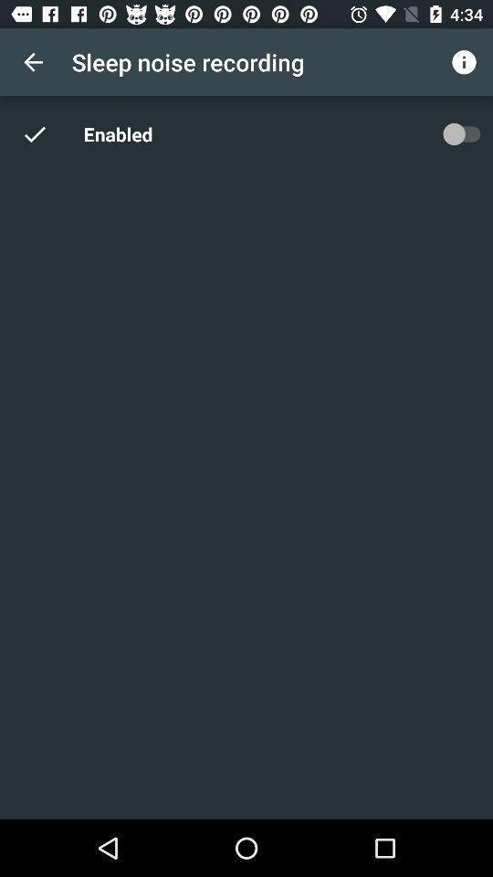 This screenshot has width=493, height=877. What do you see at coordinates (121, 132) in the screenshot?
I see `item below sleep noise recording` at bounding box center [121, 132].